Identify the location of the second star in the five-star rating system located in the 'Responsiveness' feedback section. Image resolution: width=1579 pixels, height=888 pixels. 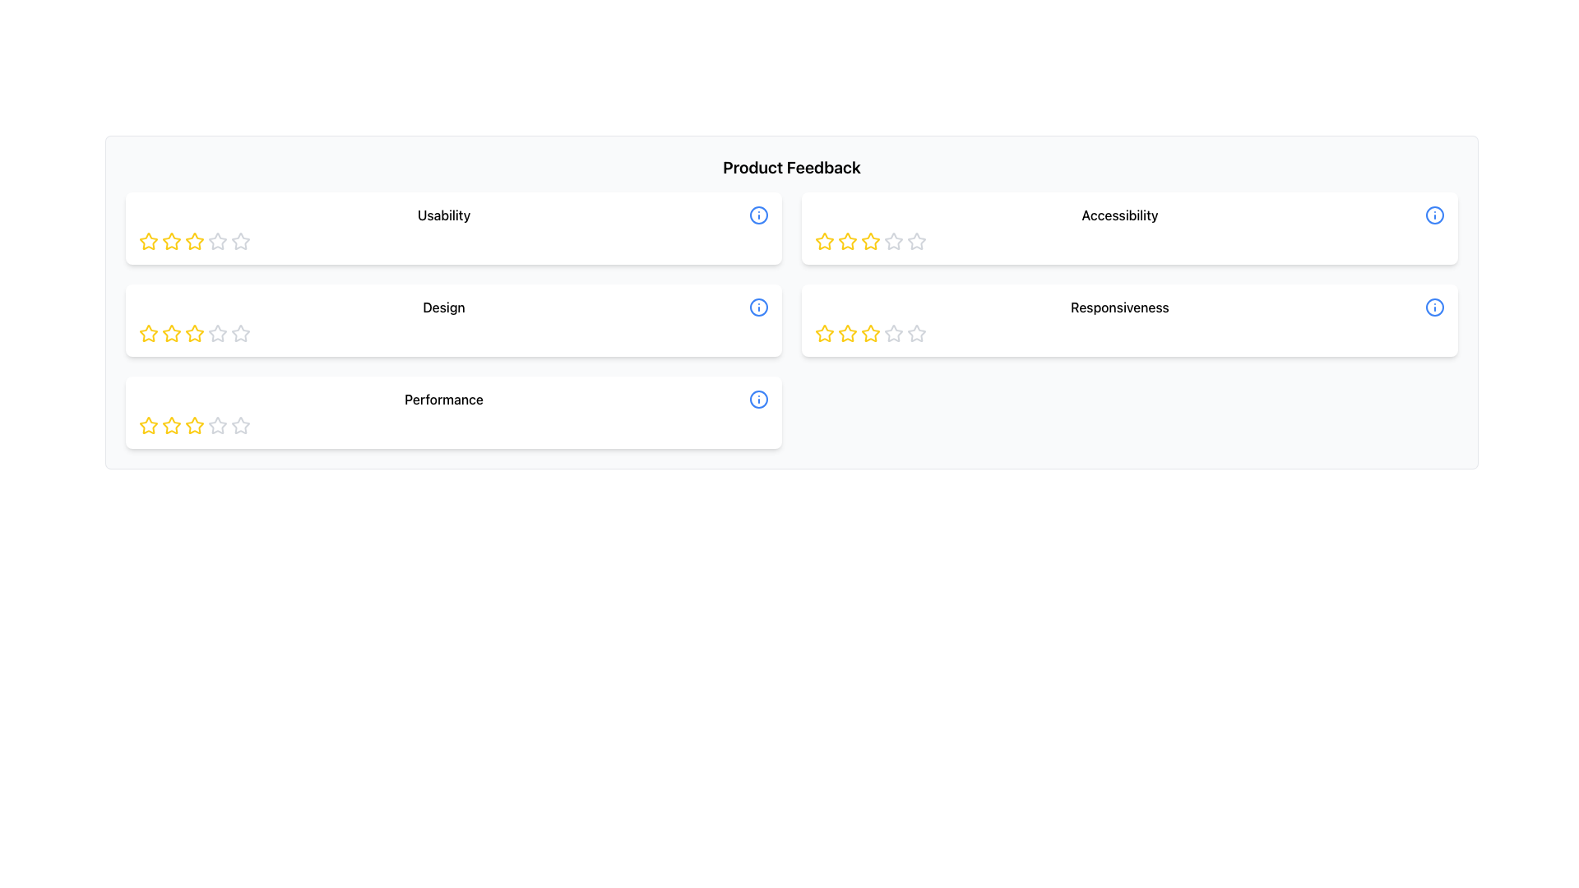
(825, 333).